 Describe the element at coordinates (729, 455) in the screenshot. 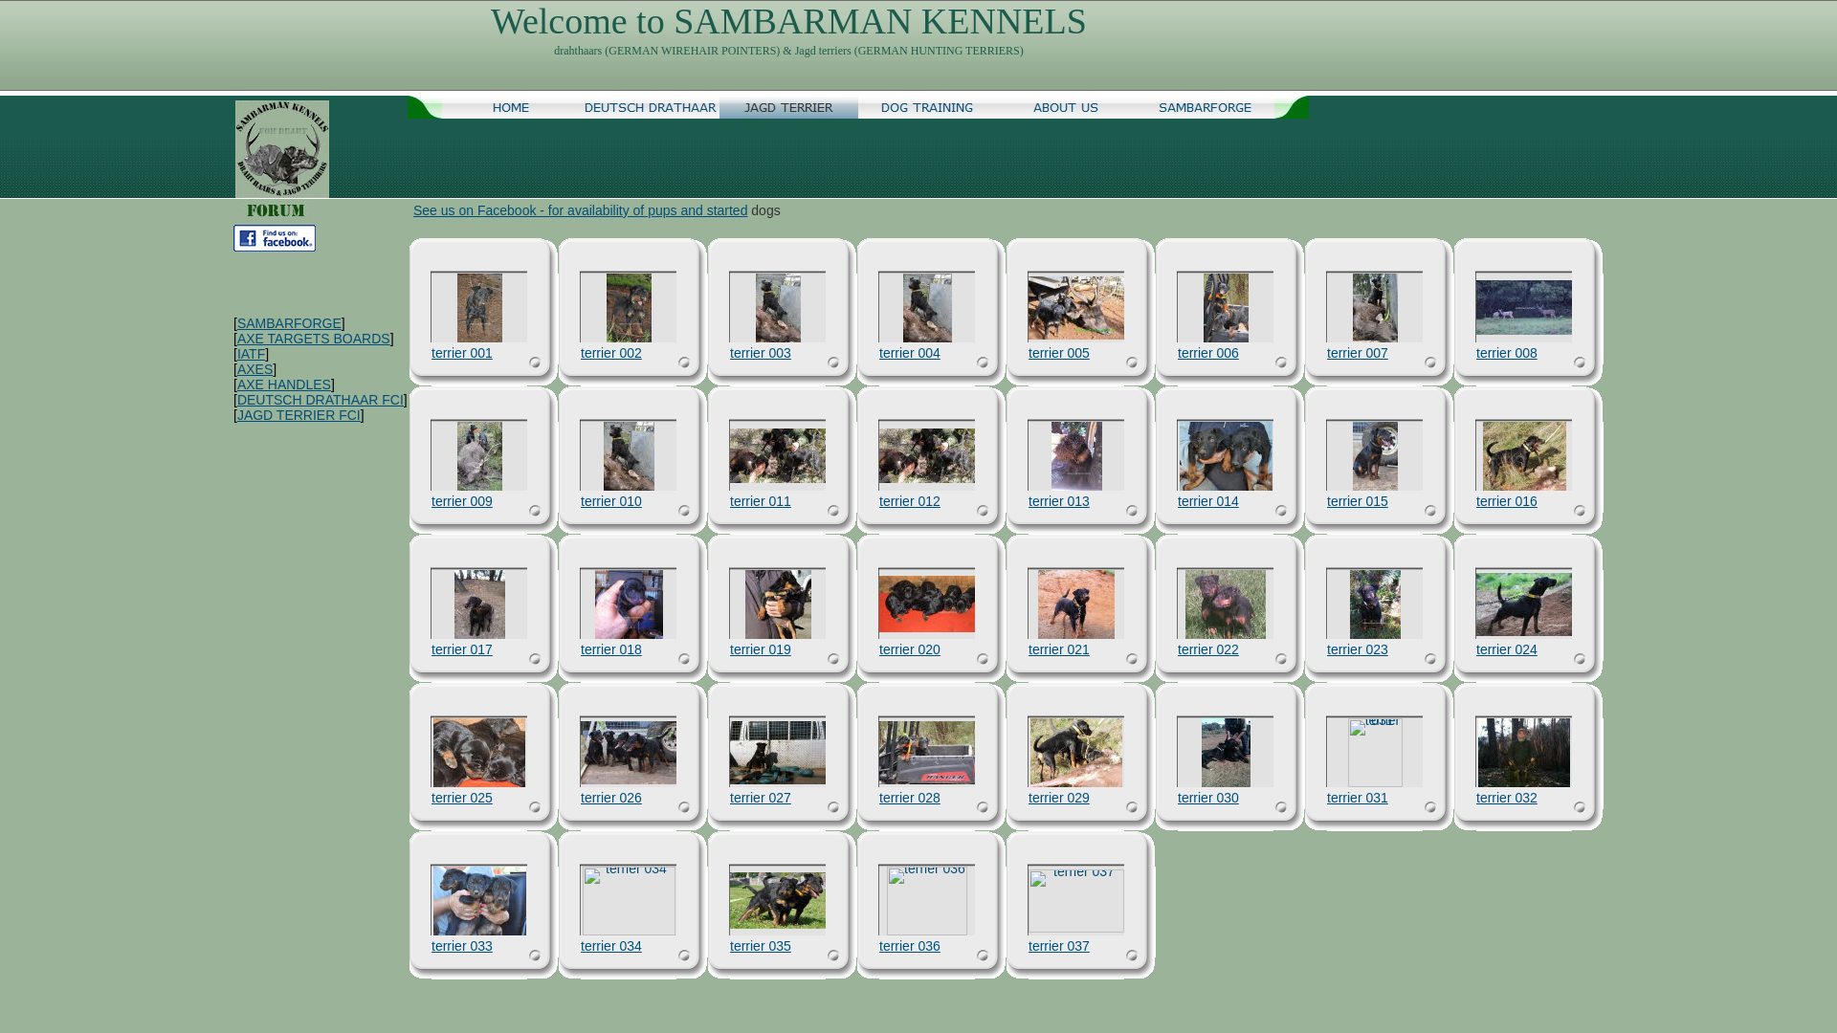

I see `'terrier 011'` at that location.